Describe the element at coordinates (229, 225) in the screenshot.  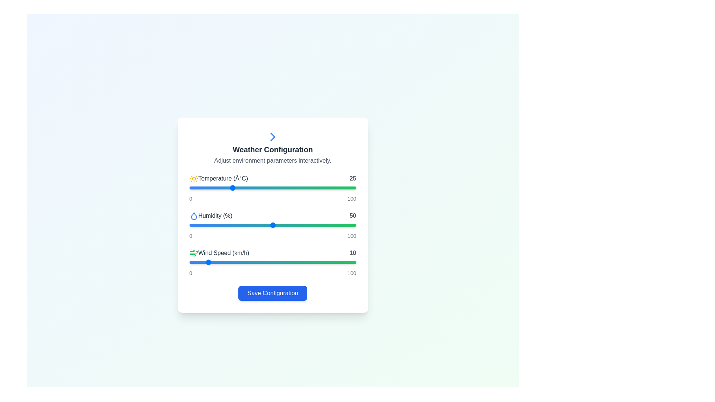
I see `the slider value` at that location.